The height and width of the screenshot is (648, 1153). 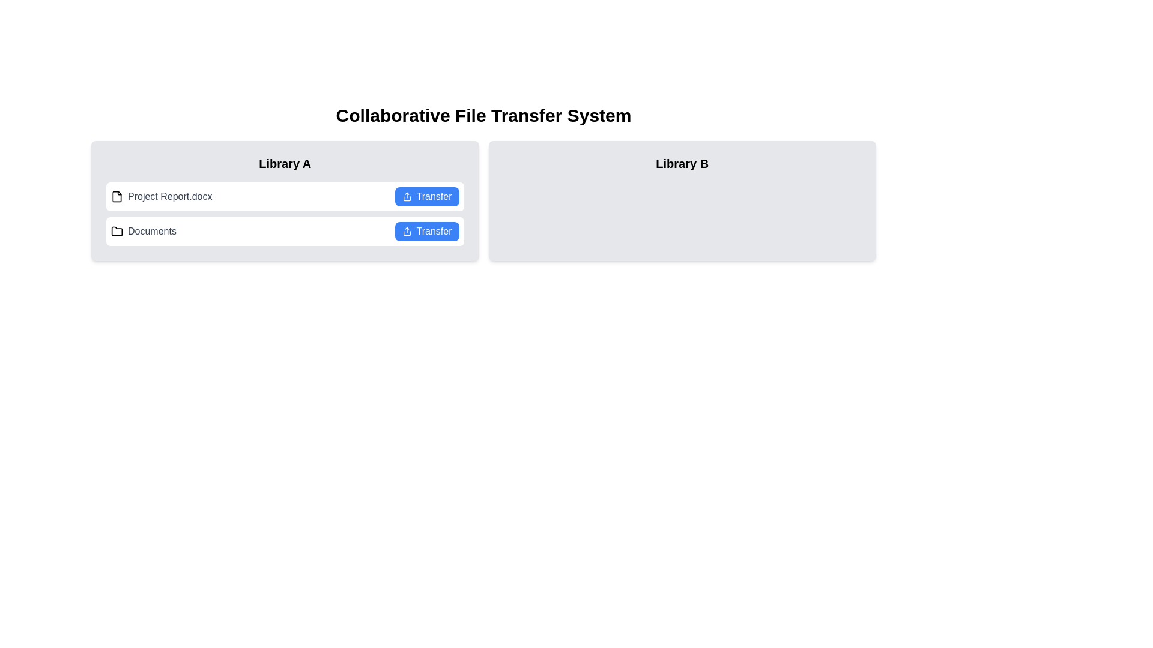 I want to click on the second 'Transfer' button located at the far right of the second row within the 'Documents Transfer' group to initiate a transfer operation, so click(x=426, y=231).